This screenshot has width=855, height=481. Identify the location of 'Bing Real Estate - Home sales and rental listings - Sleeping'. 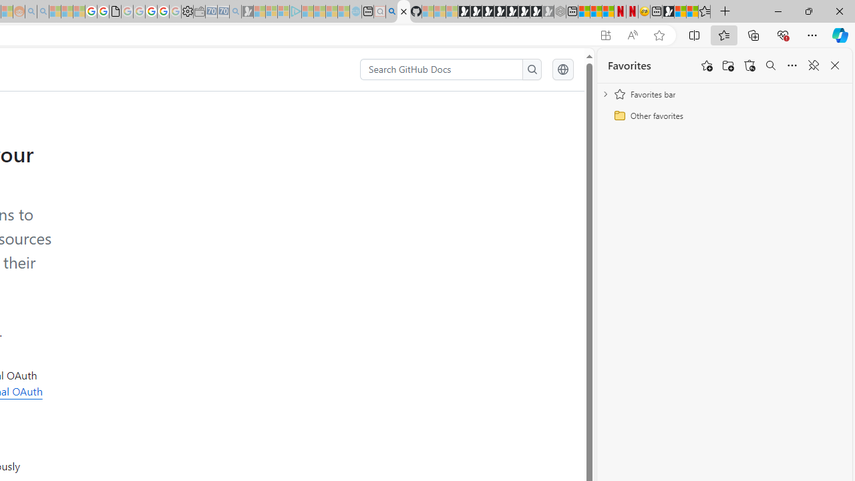
(235, 11).